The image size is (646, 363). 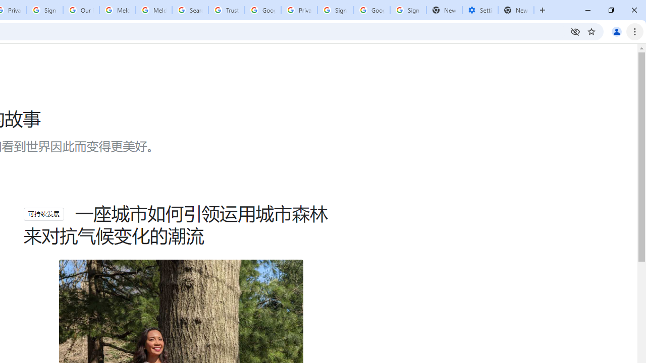 What do you see at coordinates (516, 10) in the screenshot?
I see `'New Tab'` at bounding box center [516, 10].